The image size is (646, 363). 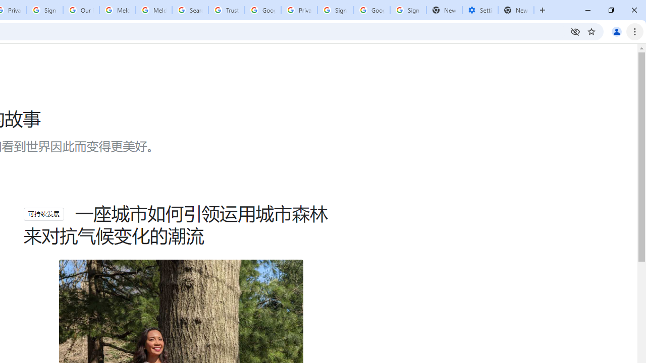 What do you see at coordinates (516, 10) in the screenshot?
I see `'New Tab'` at bounding box center [516, 10].